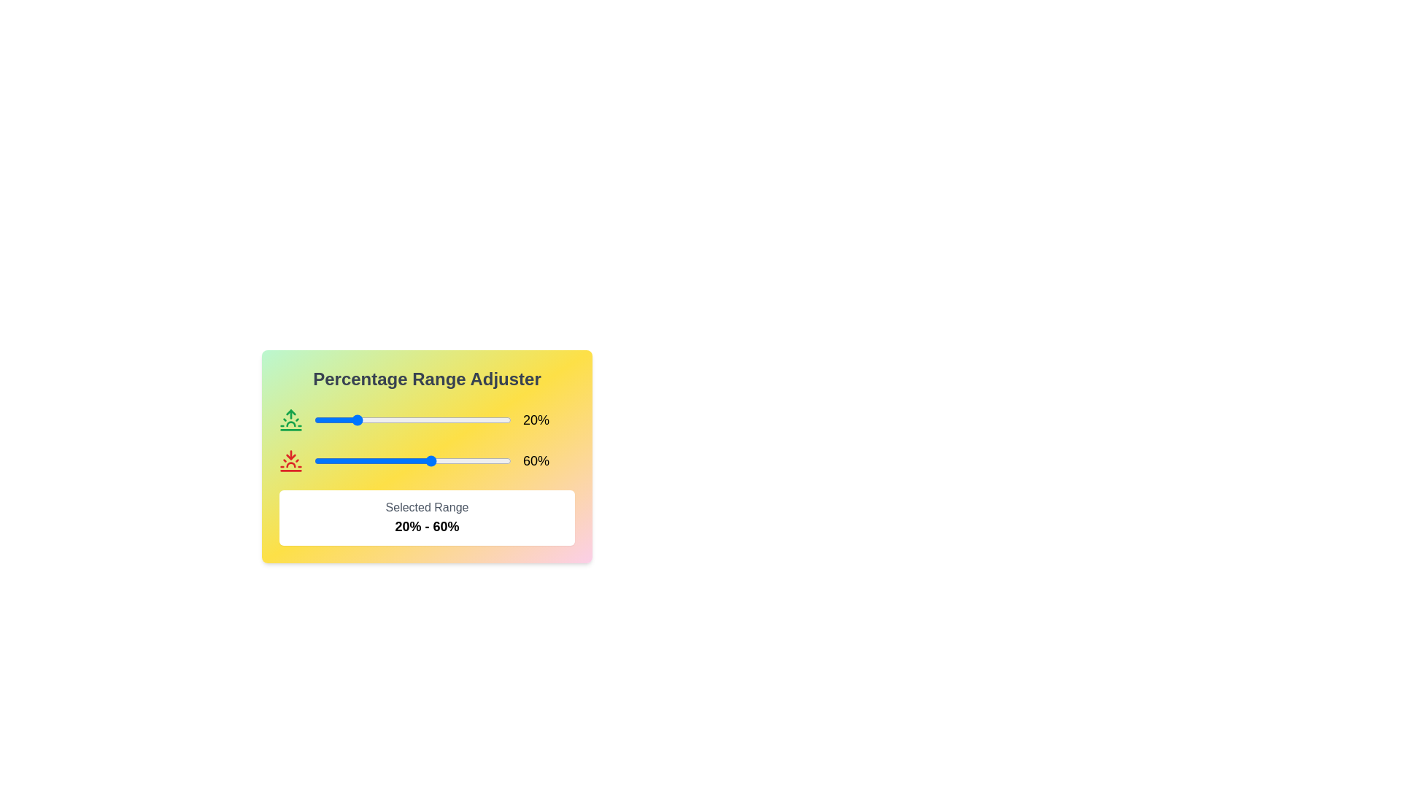 The image size is (1401, 788). I want to click on the slider, so click(421, 461).